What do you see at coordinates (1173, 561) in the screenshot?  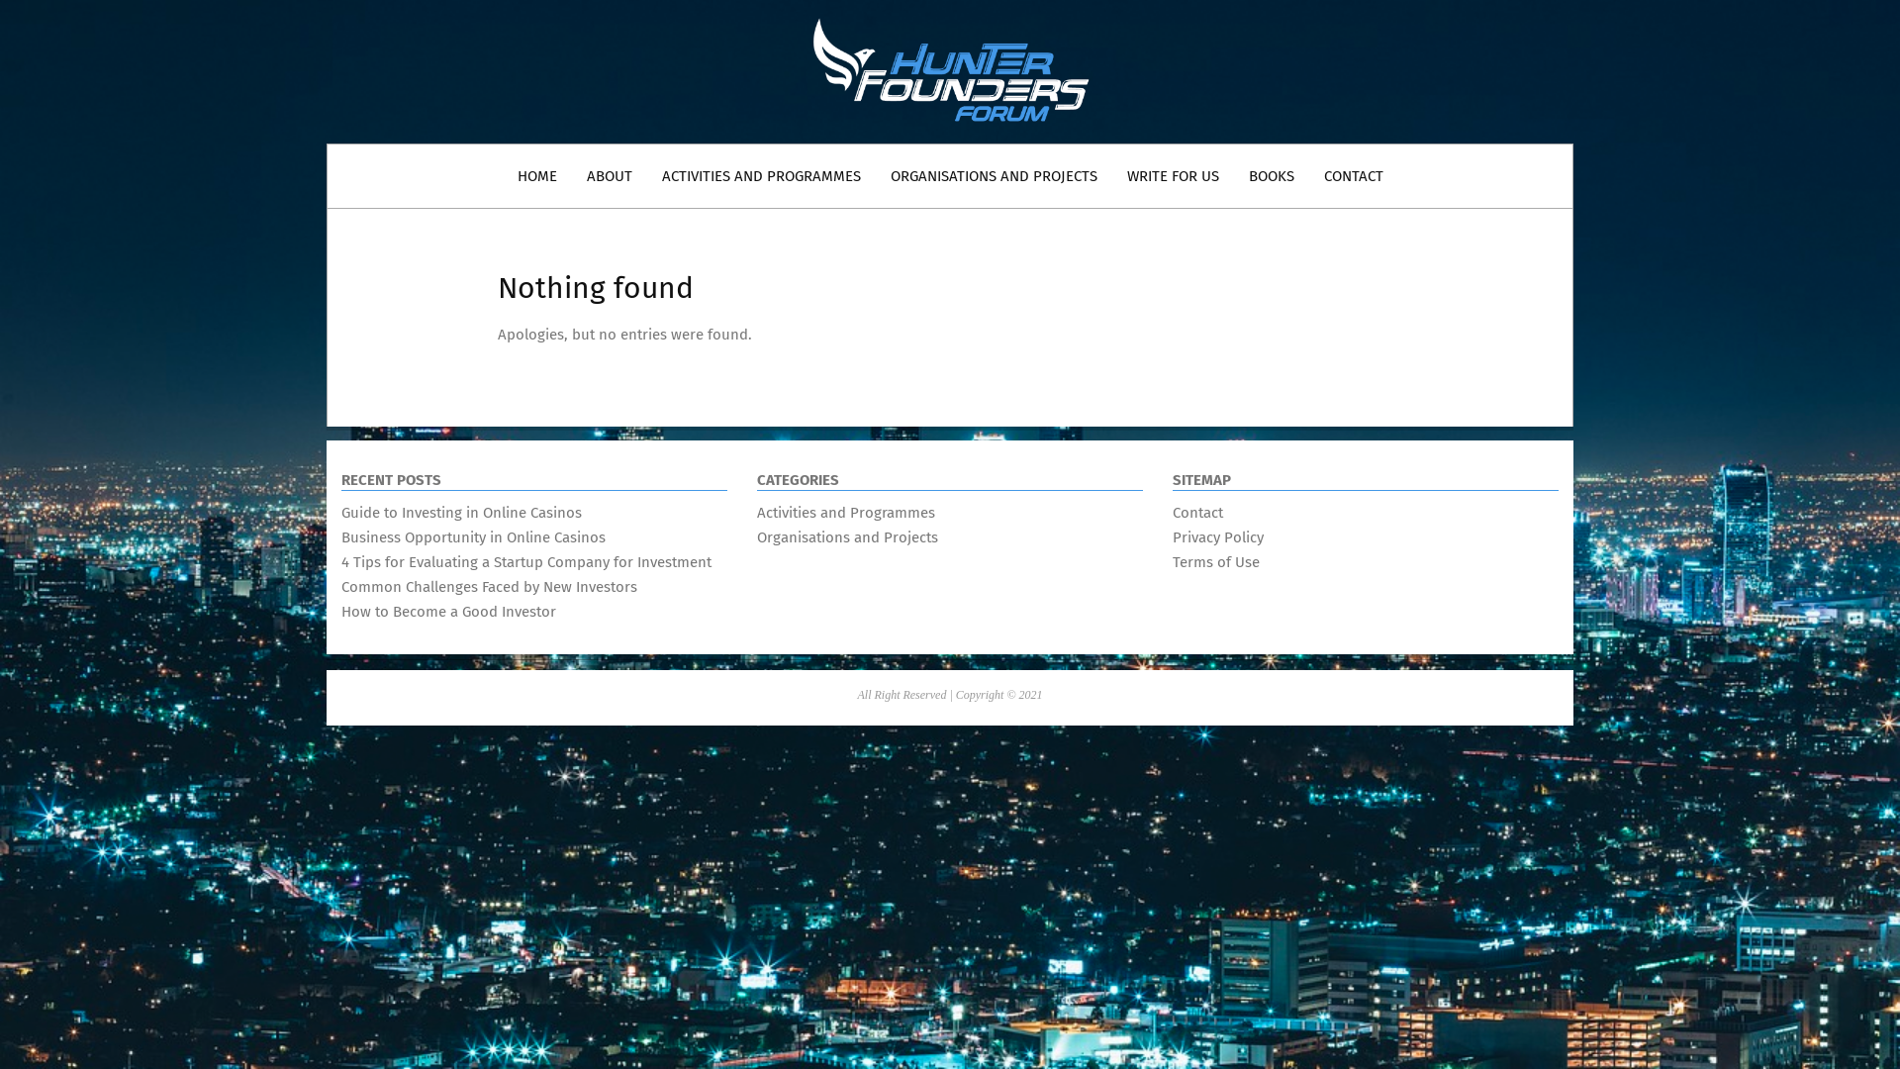 I see `'Terms of Use'` at bounding box center [1173, 561].